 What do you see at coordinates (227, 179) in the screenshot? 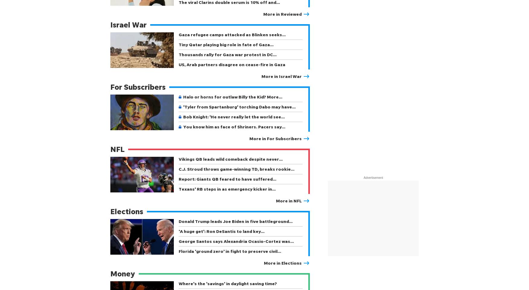
I see `'Report: Giants QB feared to have suffered…'` at bounding box center [227, 179].